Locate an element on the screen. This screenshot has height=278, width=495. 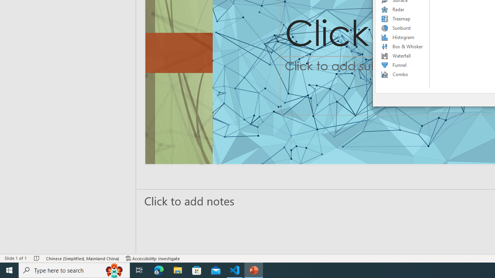
'Sunburst' is located at coordinates (402, 28).